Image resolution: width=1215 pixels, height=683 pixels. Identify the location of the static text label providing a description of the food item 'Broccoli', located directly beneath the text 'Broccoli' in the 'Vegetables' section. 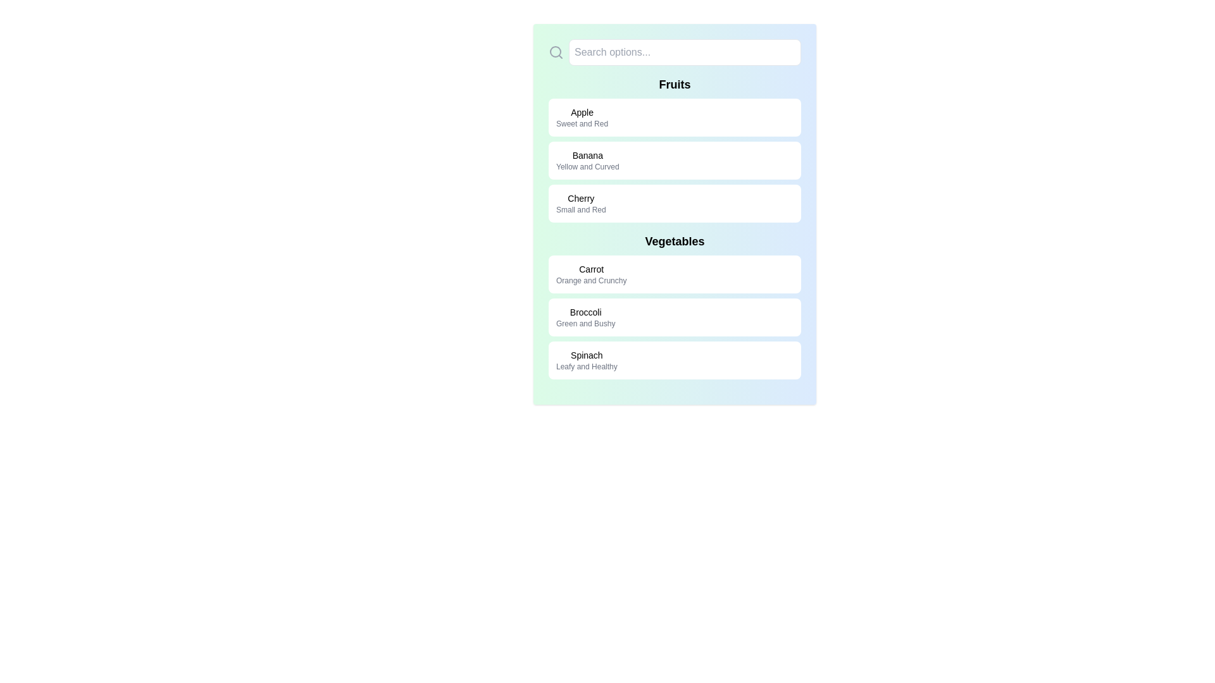
(585, 323).